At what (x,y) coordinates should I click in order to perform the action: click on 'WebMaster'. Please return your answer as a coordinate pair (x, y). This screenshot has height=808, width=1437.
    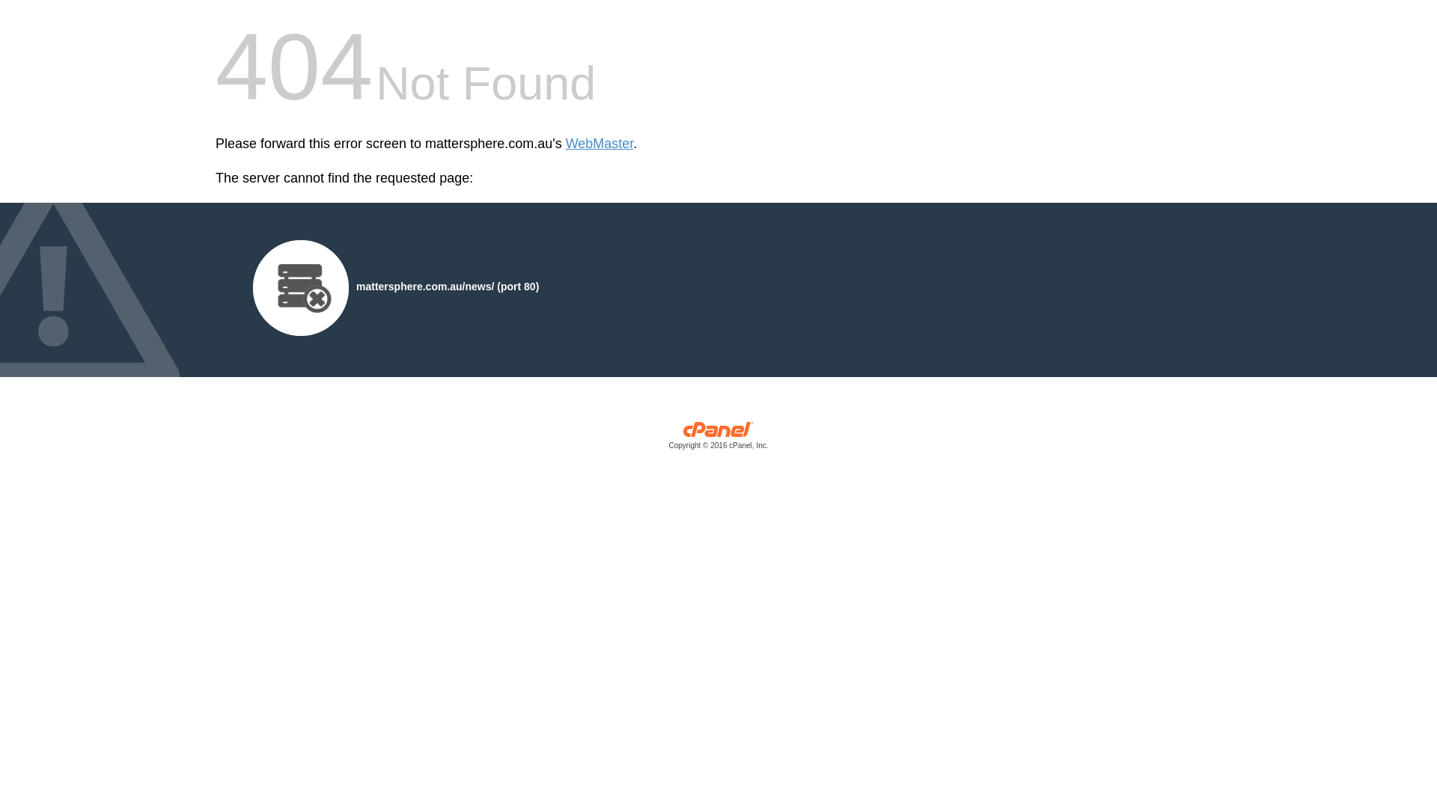
    Looking at the image, I should click on (564, 144).